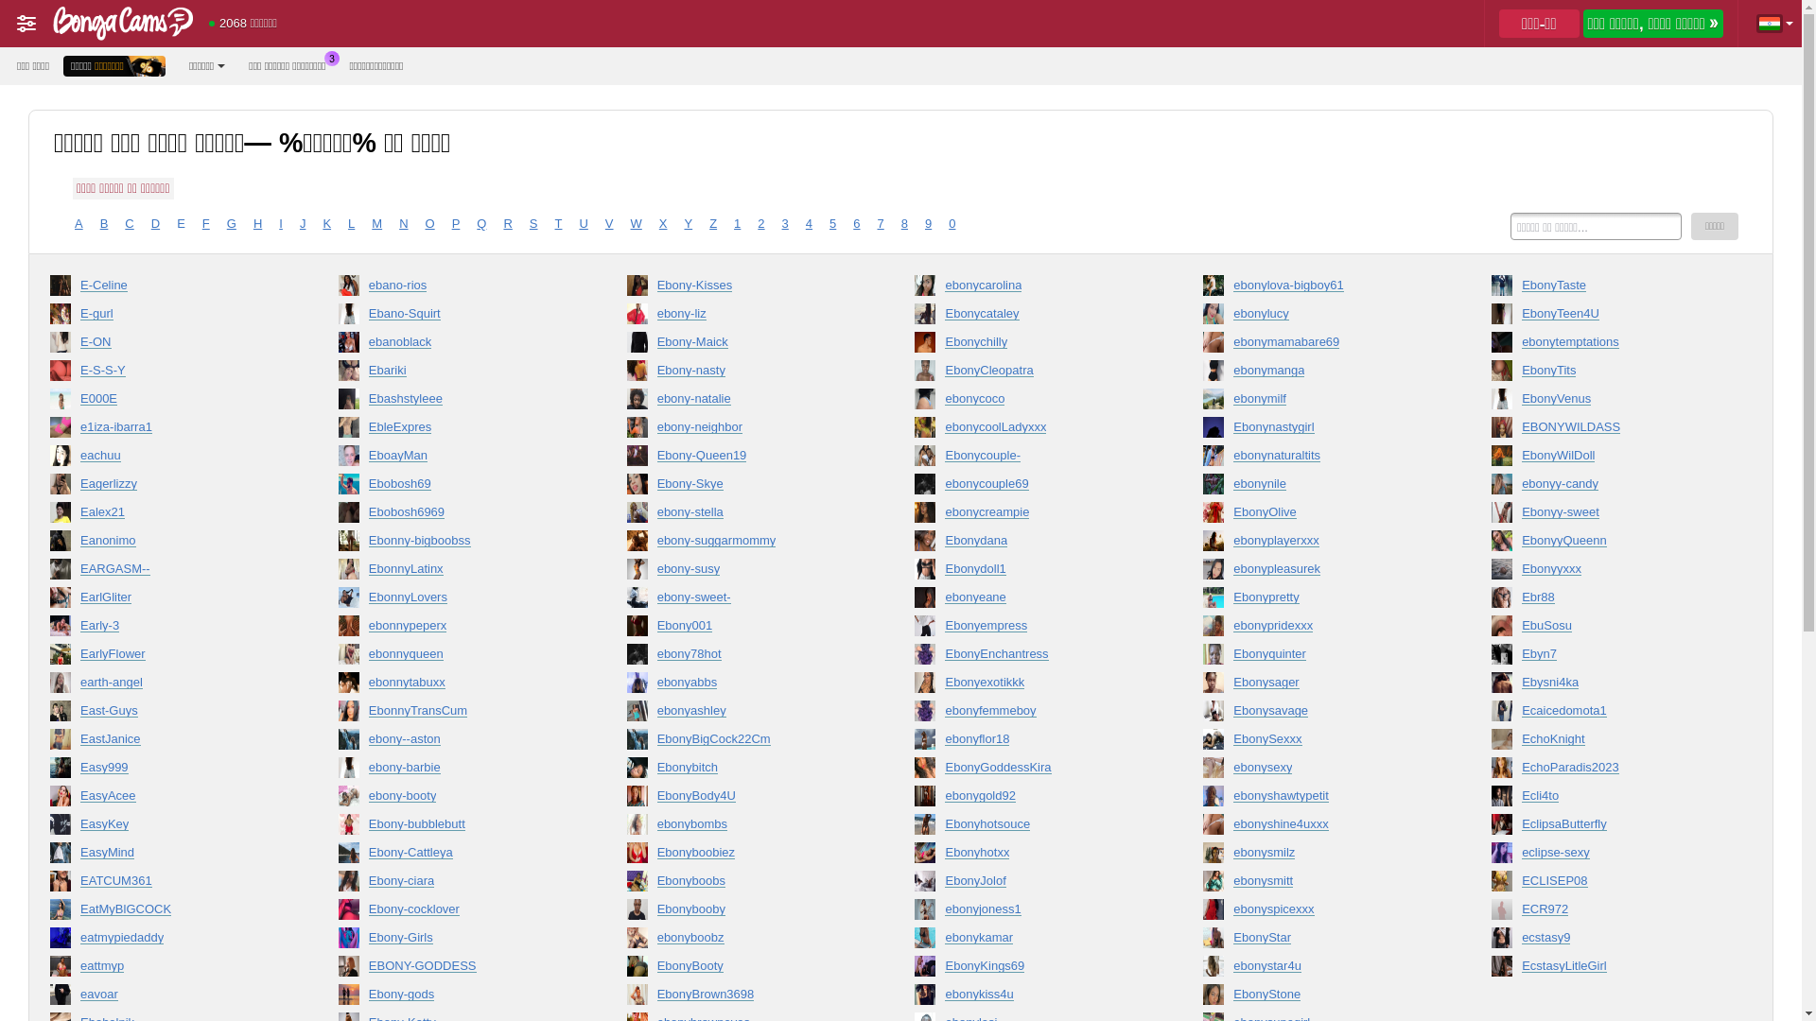  What do you see at coordinates (49, 656) in the screenshot?
I see `'EarlyFlower'` at bounding box center [49, 656].